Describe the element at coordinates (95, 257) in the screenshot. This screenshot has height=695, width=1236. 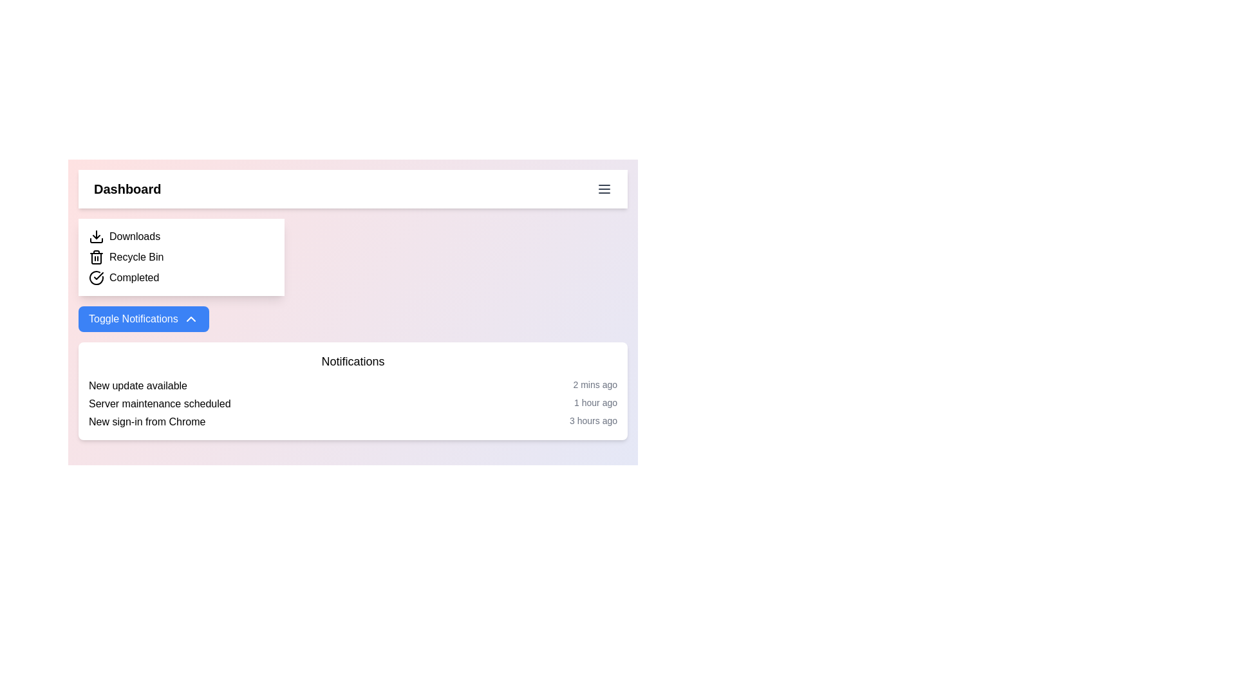
I see `the 'Recycle Bin' SVG icon located in the dropdown menu under the 'Dashboard' section, positioned above 'Completed' and below 'Downloads'` at that location.